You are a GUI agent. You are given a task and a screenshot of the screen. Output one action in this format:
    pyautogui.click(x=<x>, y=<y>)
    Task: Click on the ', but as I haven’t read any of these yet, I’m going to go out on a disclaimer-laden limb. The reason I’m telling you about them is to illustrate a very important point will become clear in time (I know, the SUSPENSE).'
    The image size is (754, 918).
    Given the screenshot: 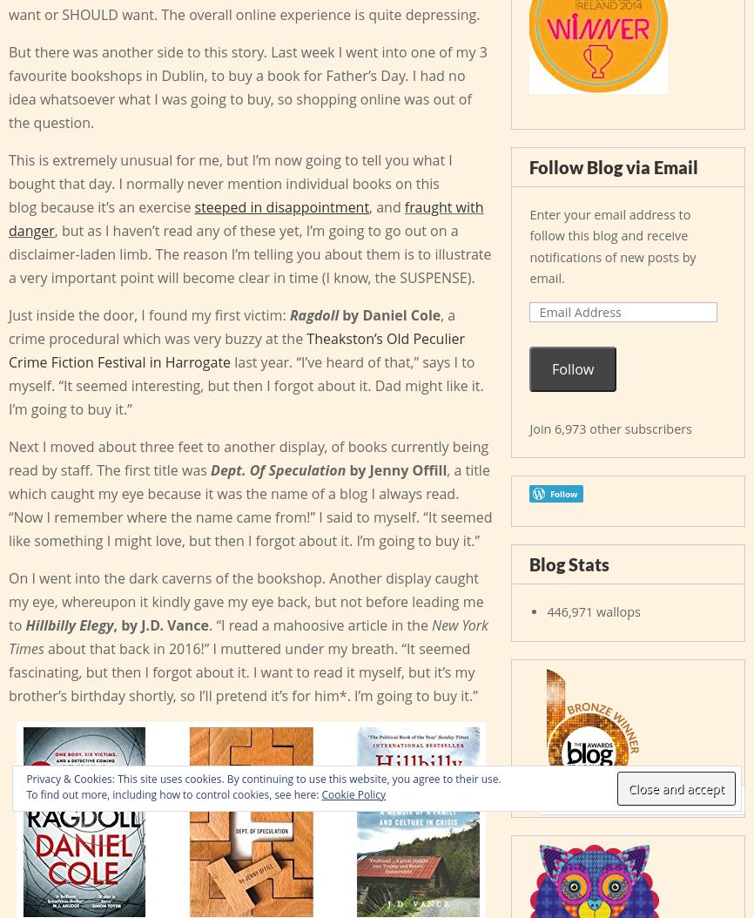 What is the action you would take?
    pyautogui.click(x=8, y=253)
    